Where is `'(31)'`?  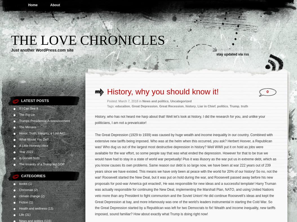
'(31)' is located at coordinates (27, 214).